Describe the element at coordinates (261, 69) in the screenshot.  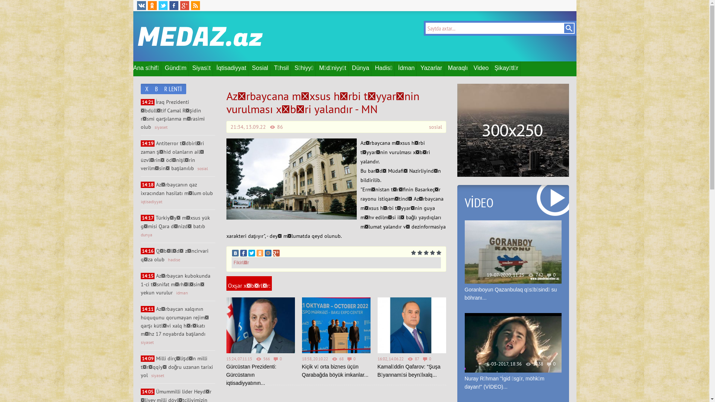
I see `'Sosial'` at that location.